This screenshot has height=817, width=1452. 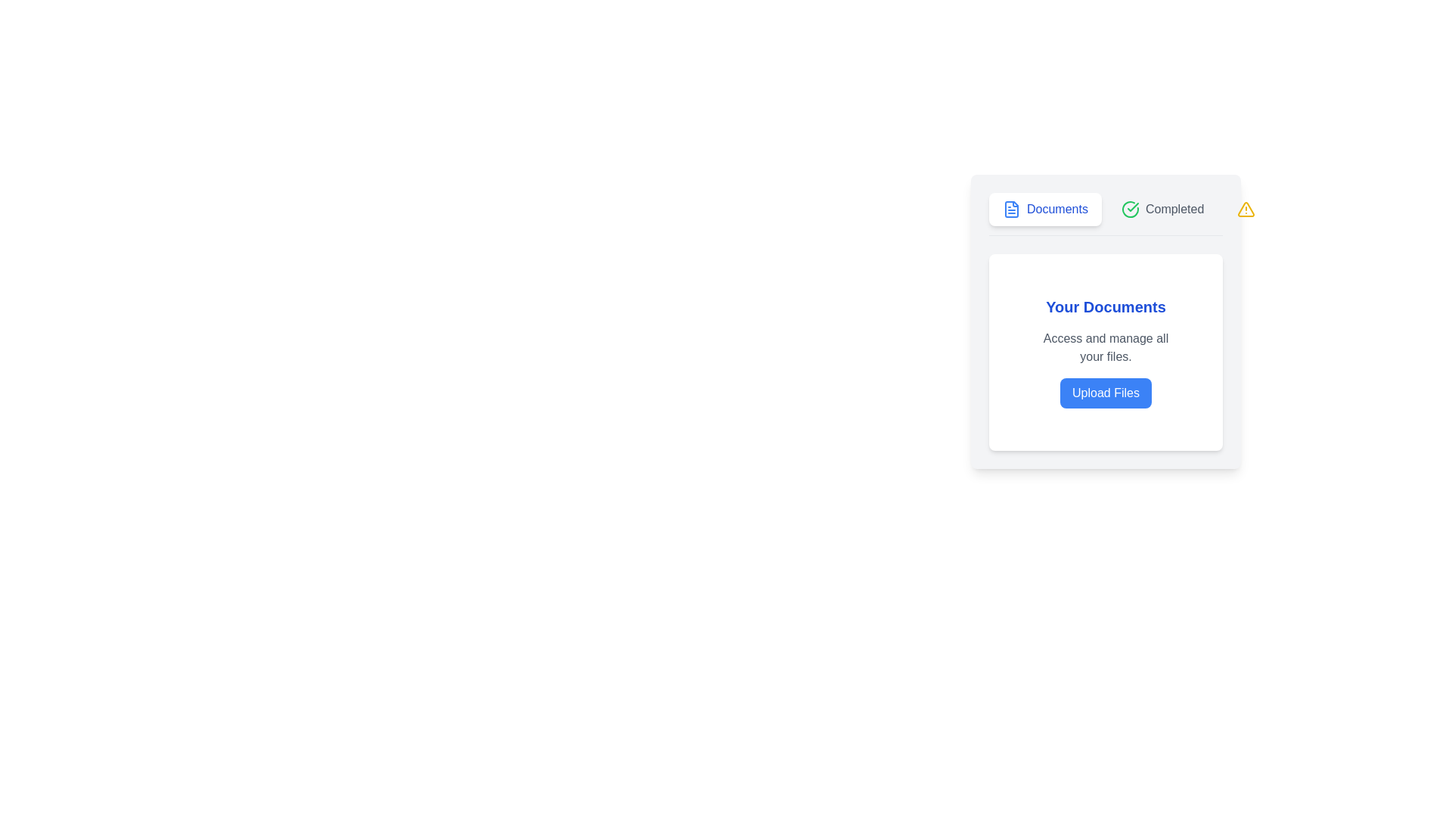 I want to click on the 'Documents' icon located to the left of the text label in the top-left corner of the interface, so click(x=1012, y=210).